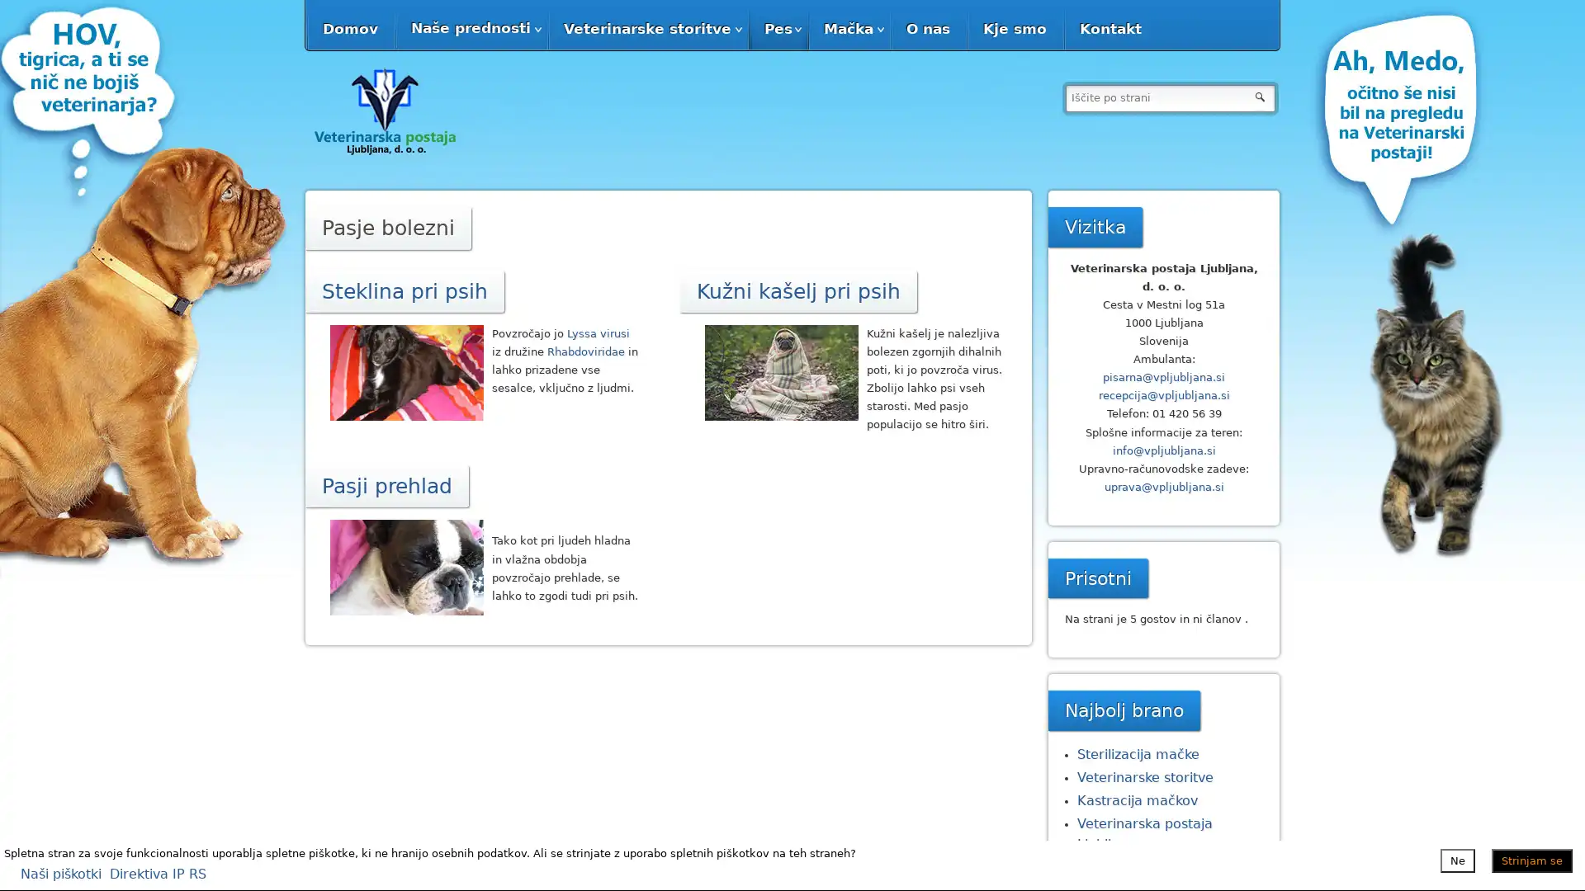 The height and width of the screenshot is (891, 1585). I want to click on Strinjam se, so click(1531, 859).